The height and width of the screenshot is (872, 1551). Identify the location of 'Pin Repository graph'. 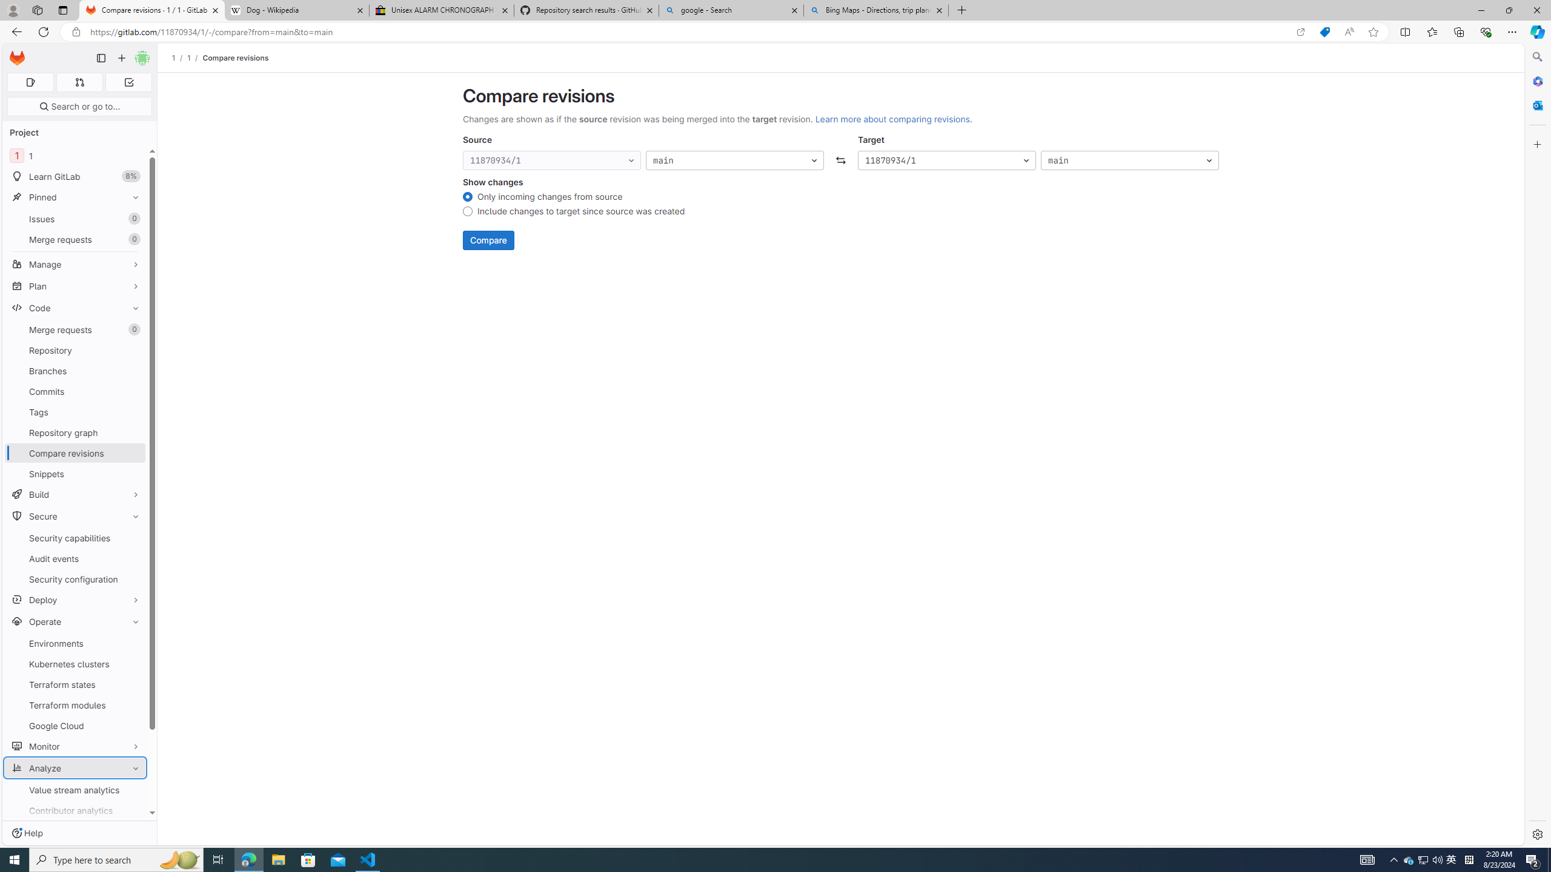
(133, 432).